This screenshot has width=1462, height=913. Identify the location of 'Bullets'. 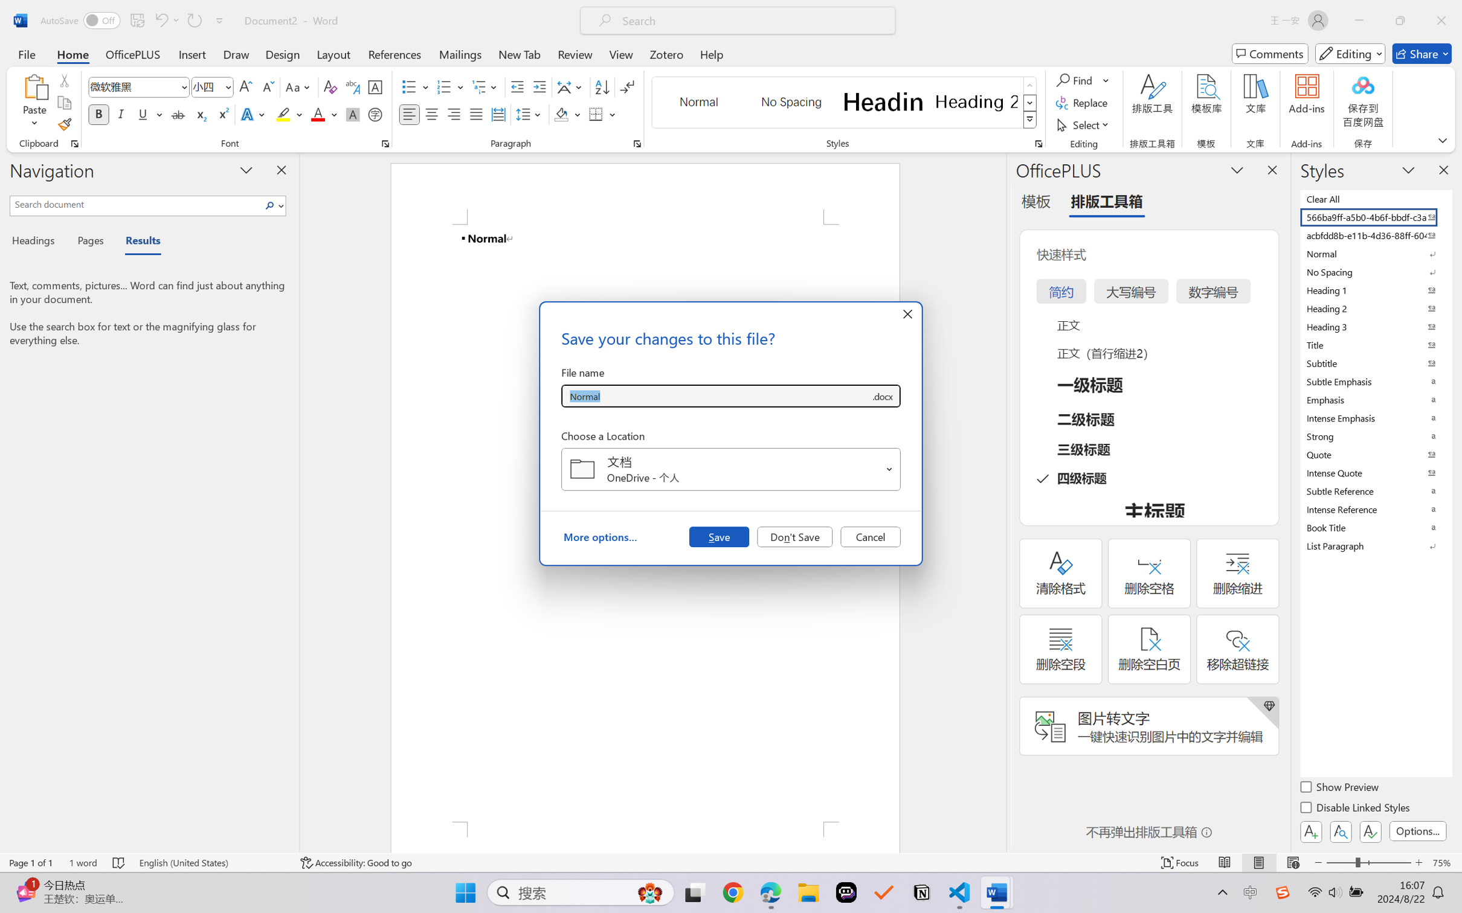
(409, 87).